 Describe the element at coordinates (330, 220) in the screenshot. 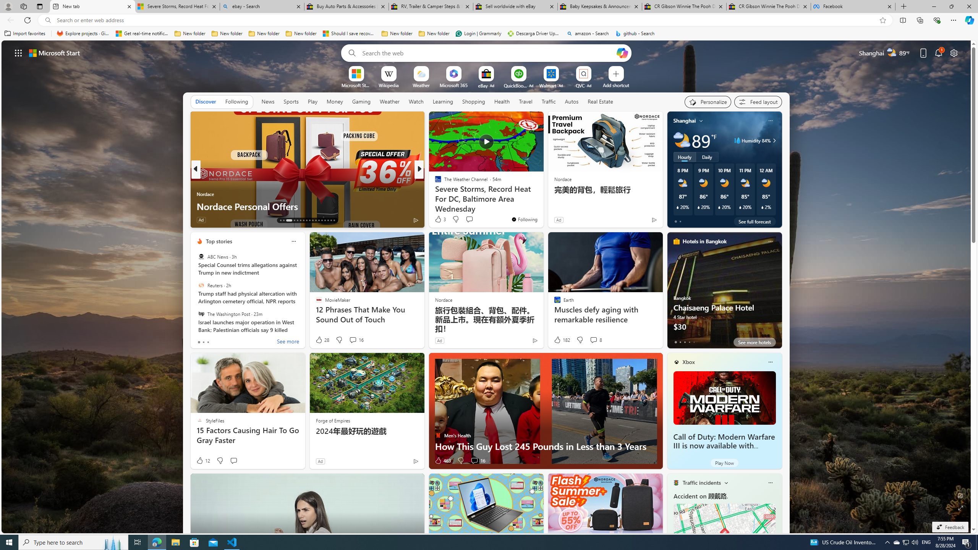

I see `'AutomationID: tab-28'` at that location.